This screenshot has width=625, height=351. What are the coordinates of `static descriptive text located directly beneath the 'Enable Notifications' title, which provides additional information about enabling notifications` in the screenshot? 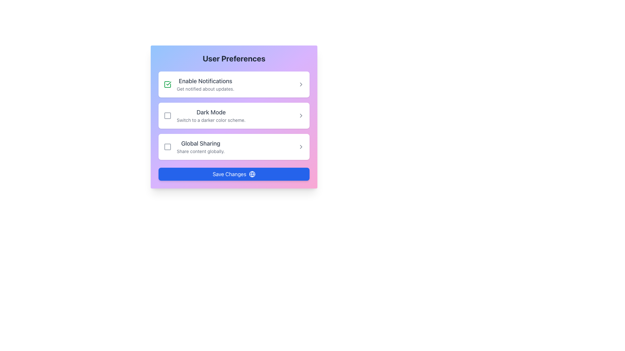 It's located at (205, 89).